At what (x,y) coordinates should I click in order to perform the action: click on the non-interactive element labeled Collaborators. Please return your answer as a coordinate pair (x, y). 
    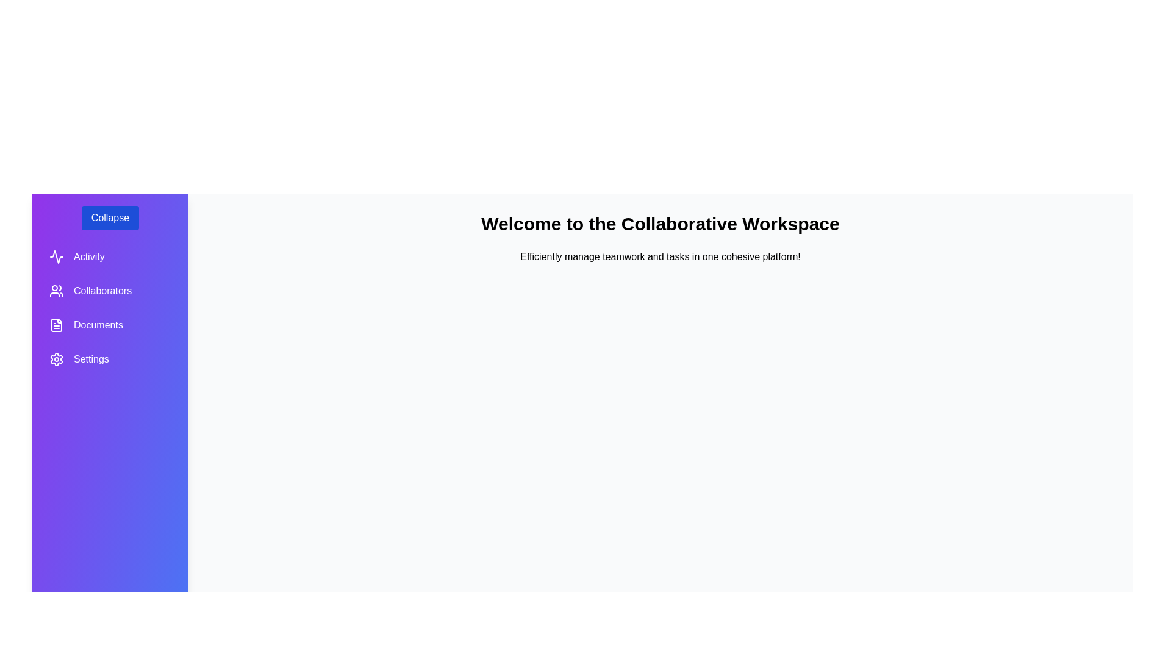
    Looking at the image, I should click on (110, 291).